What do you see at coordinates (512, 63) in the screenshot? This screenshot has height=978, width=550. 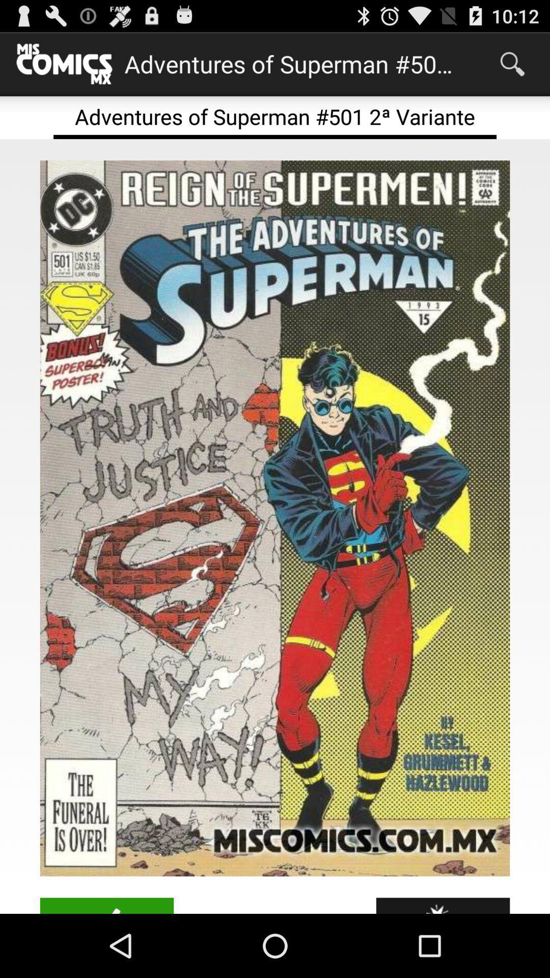 I see `app to the right of adventures of superman` at bounding box center [512, 63].